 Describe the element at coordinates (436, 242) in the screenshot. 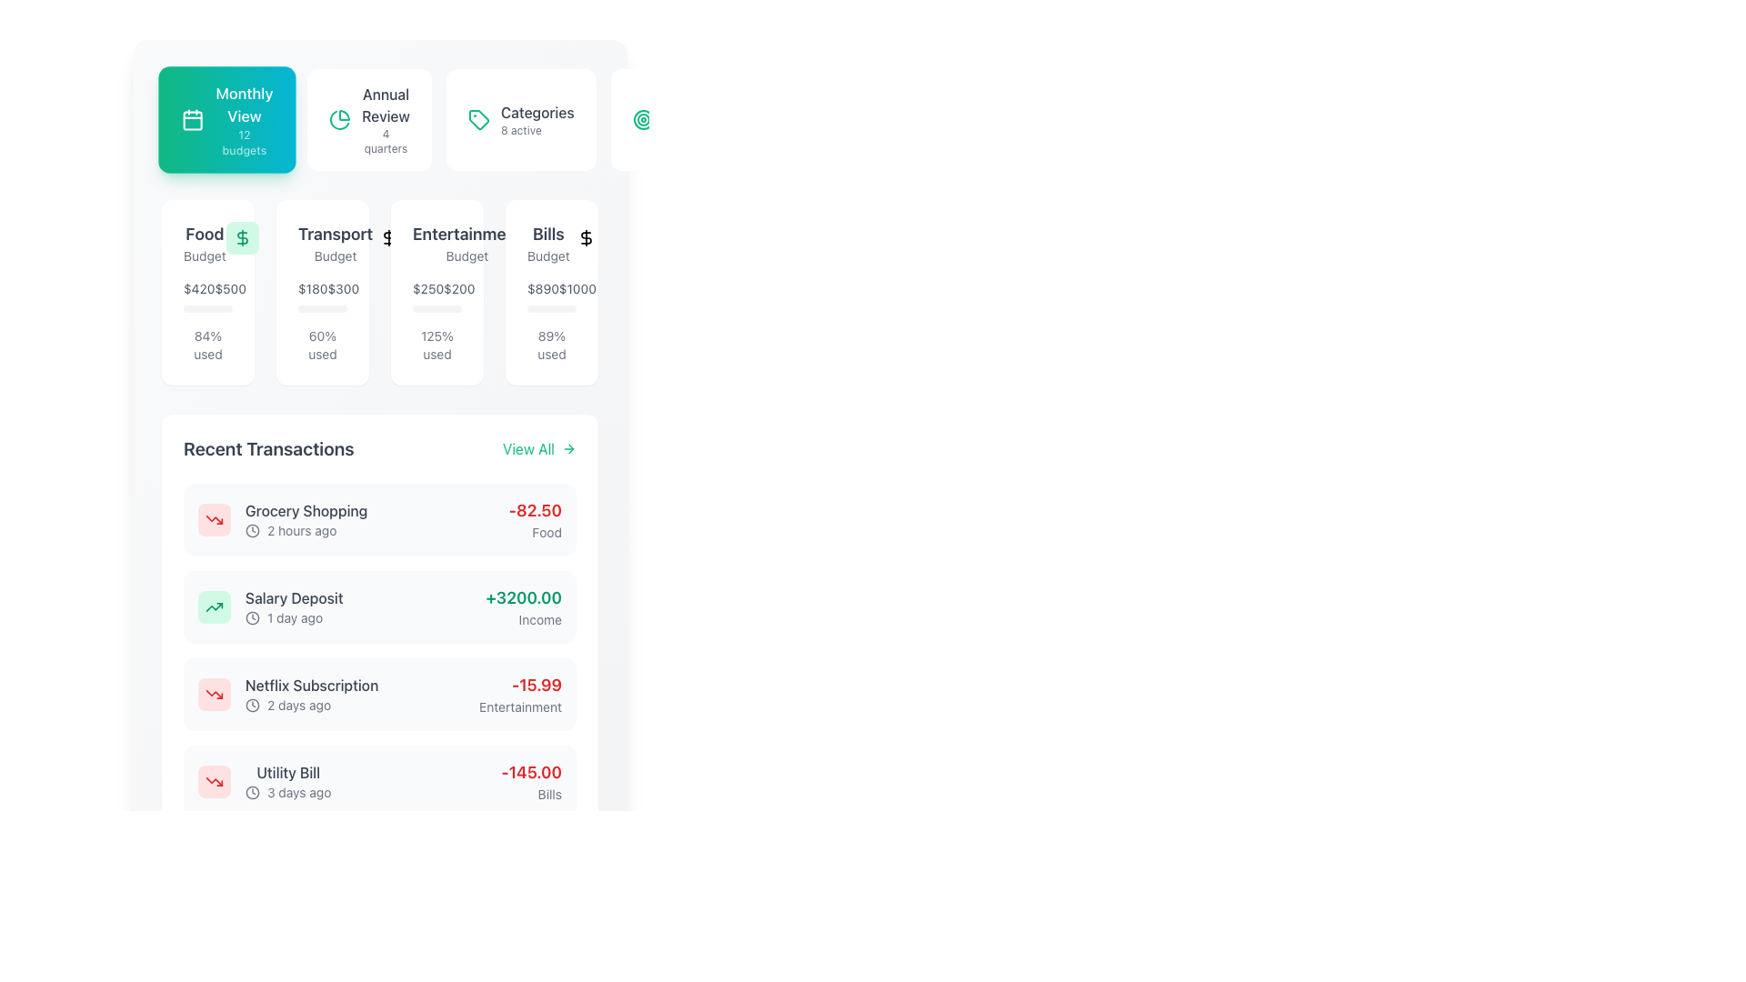

I see `the static text label identifying the budget category titled 'Entertainment', which is positioned between 'Transport Budget' and 'Bills Budget' in the financial management interface` at that location.